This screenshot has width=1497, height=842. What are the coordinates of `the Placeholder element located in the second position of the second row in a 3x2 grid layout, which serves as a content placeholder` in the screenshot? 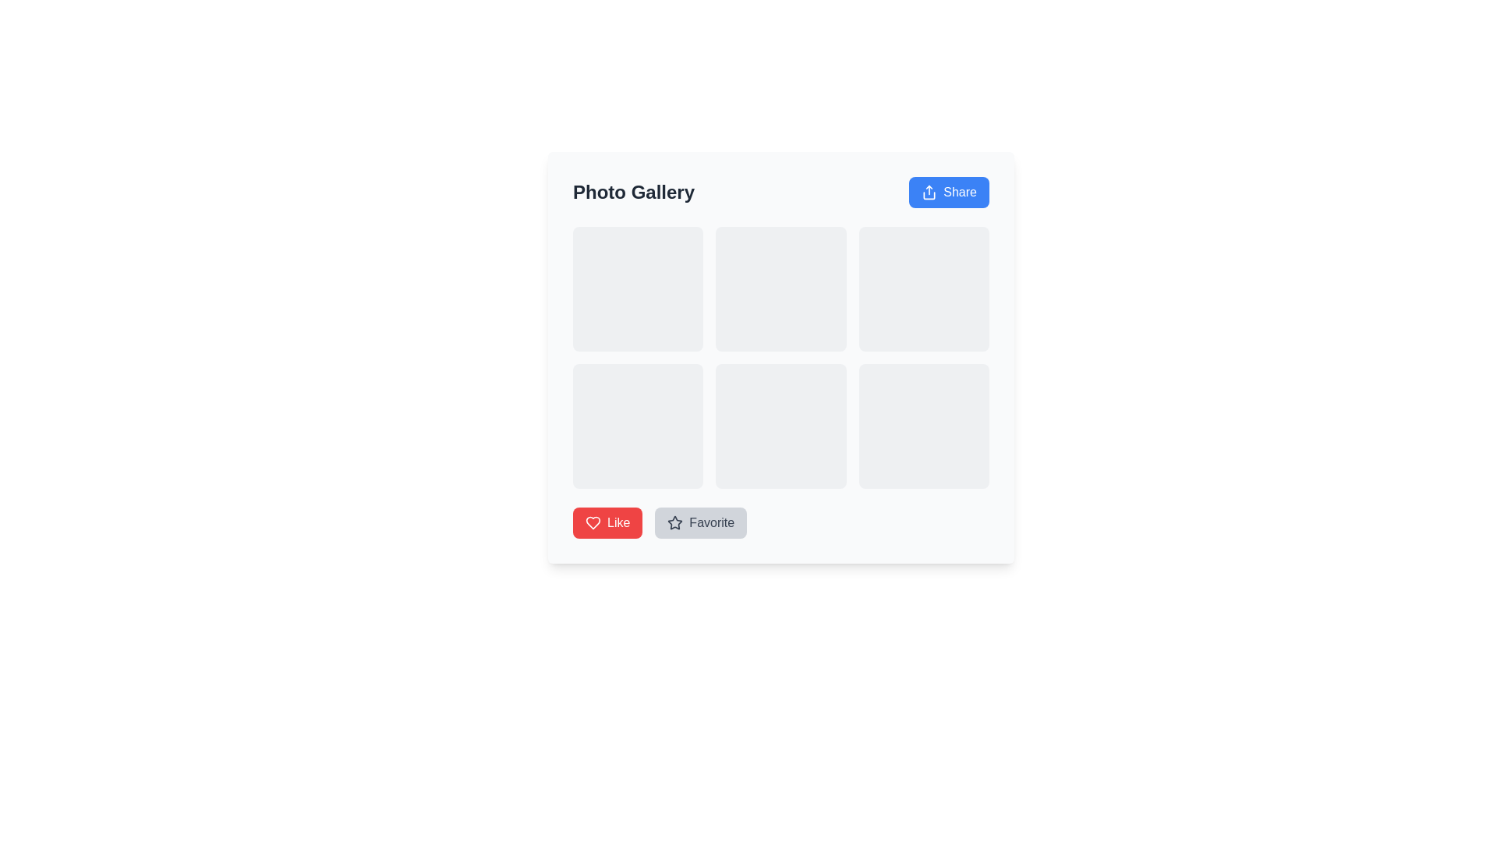 It's located at (781, 426).